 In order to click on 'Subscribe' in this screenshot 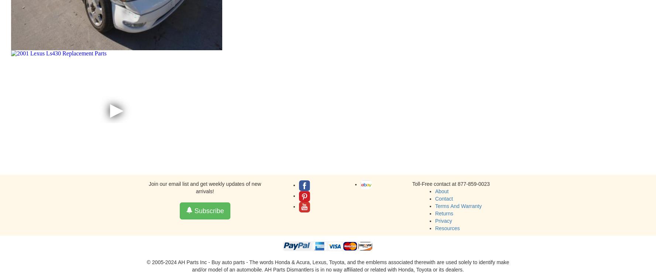, I will do `click(207, 211)`.